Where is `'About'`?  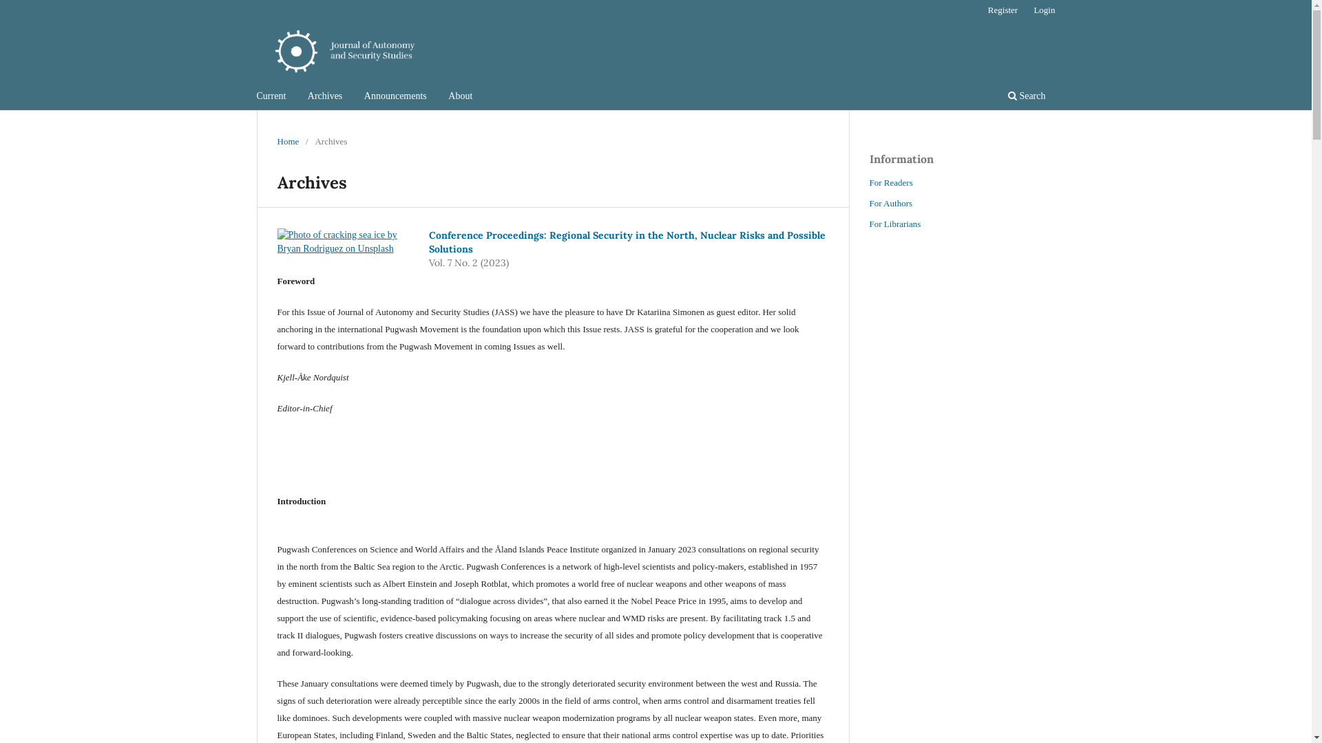 'About' is located at coordinates (460, 97).